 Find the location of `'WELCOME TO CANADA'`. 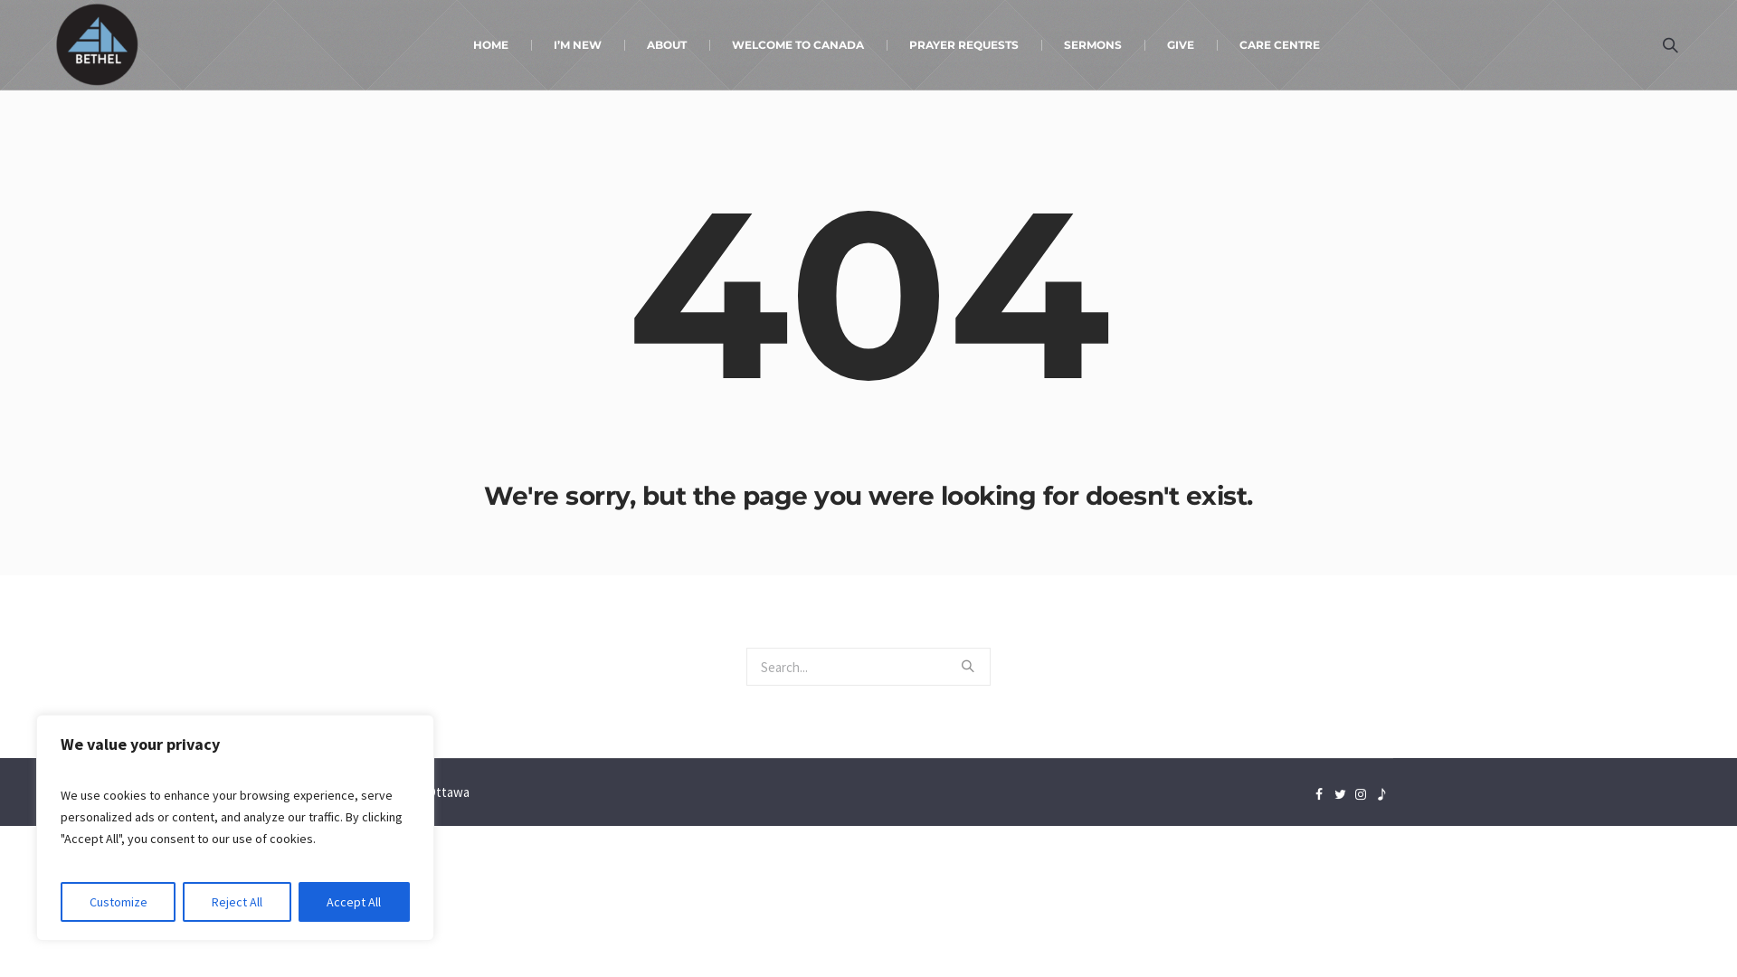

'WELCOME TO CANADA' is located at coordinates (797, 43).